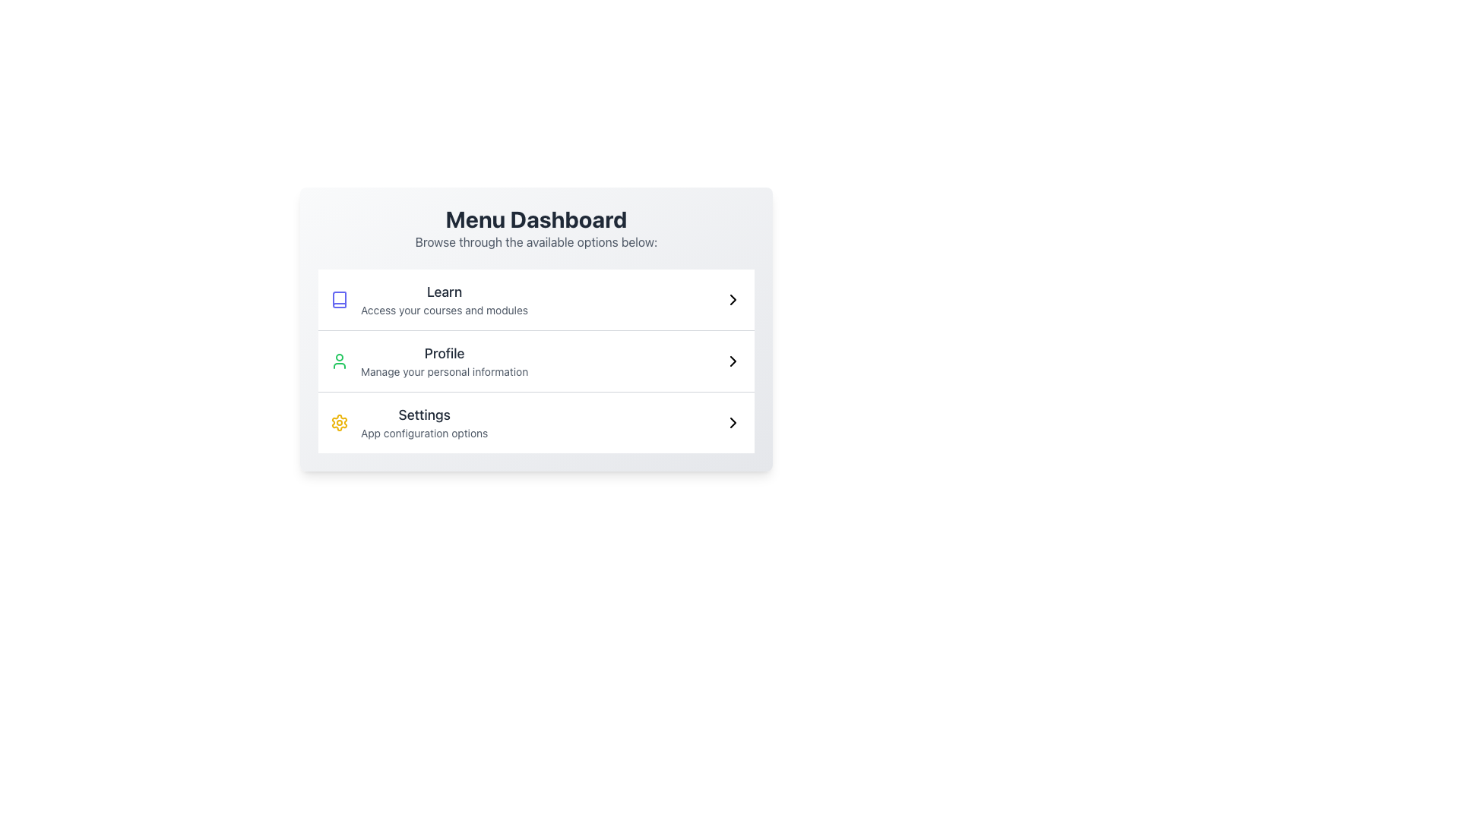 The image size is (1459, 820). I want to click on the rightward-pointing chevron arrow icon located to the far right of the 'Settings' menu entry, so click(733, 422).